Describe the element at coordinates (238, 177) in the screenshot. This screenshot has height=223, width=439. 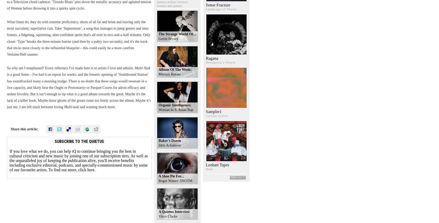
I see `'See all »'` at that location.